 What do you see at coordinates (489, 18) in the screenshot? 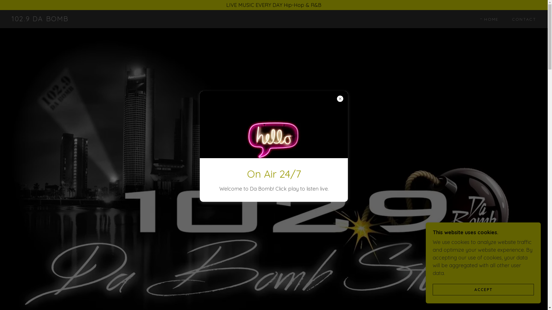
I see `'HOME'` at bounding box center [489, 18].